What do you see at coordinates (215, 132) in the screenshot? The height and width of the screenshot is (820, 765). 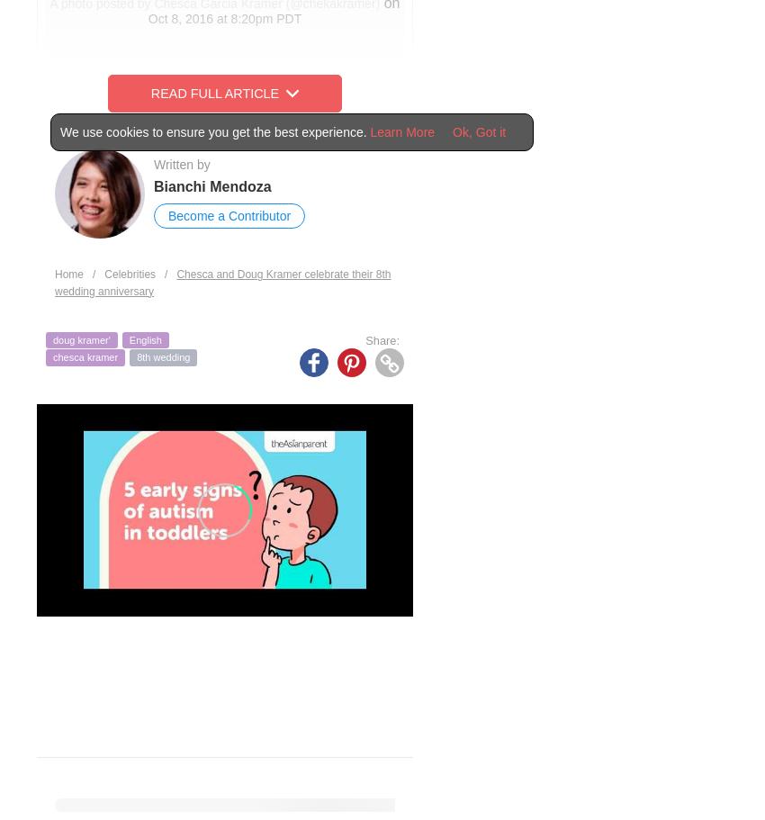 I see `'We use cookies to ensure you get the best experience.'` at bounding box center [215, 132].